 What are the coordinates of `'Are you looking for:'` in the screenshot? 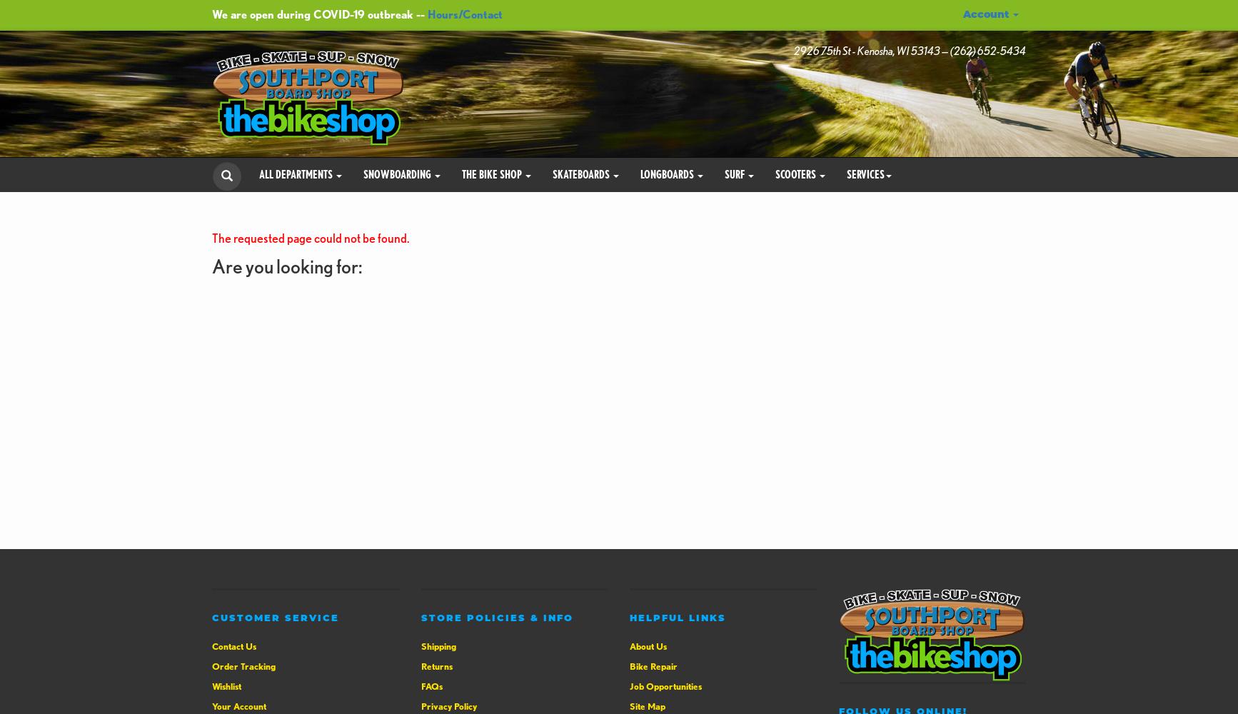 It's located at (286, 266).